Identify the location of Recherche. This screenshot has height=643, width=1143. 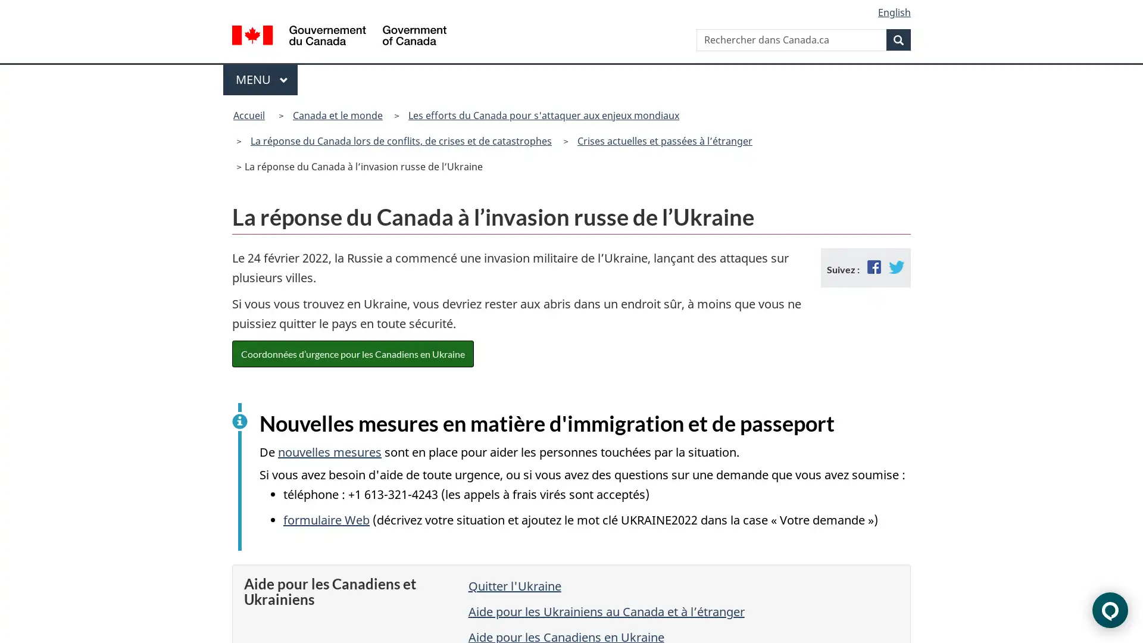
(898, 39).